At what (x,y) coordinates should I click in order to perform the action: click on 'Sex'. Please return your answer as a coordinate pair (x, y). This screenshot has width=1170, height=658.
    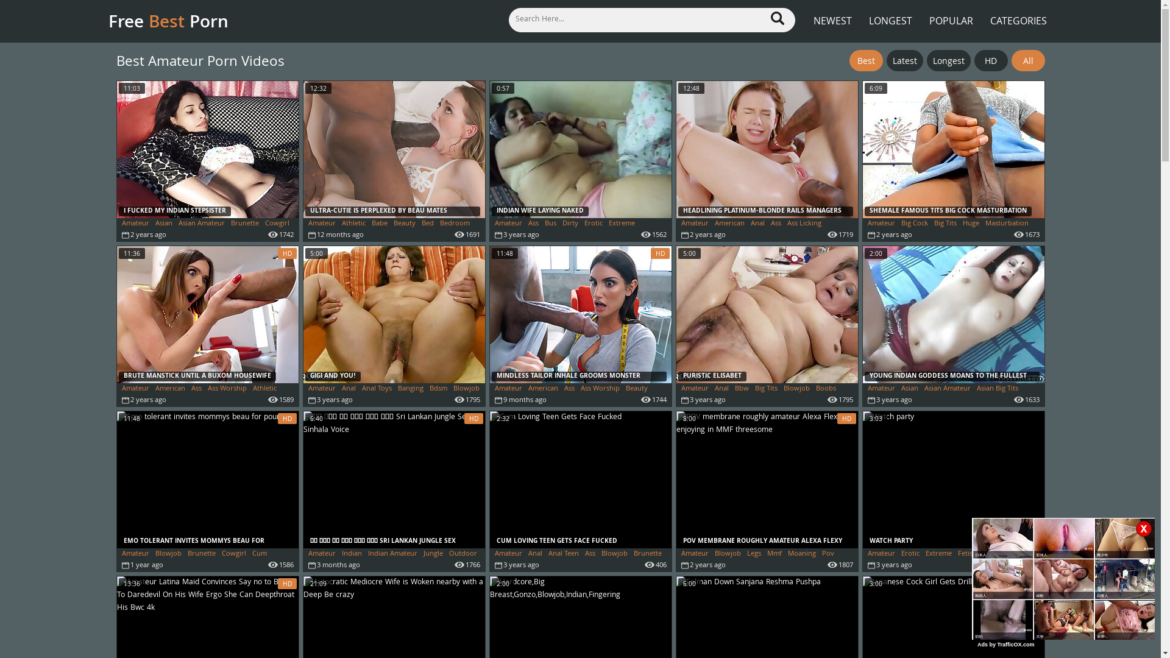
    Looking at the image, I should click on (313, 564).